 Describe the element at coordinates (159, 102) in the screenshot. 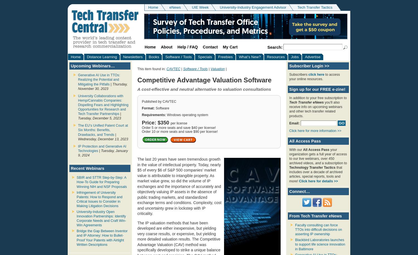

I see `'Published by  CAVTEC'` at that location.